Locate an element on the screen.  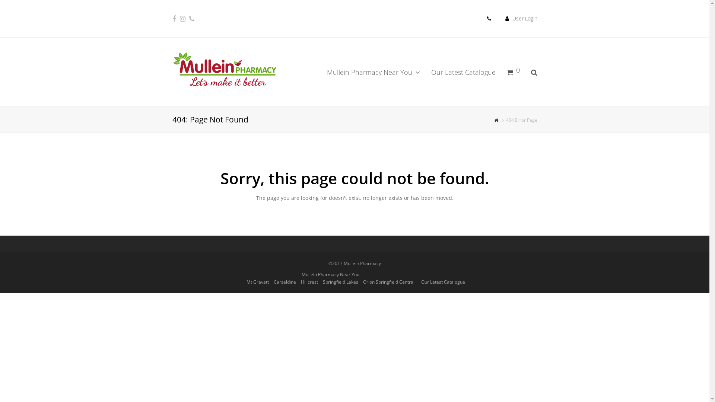
'Instagram' is located at coordinates (182, 18).